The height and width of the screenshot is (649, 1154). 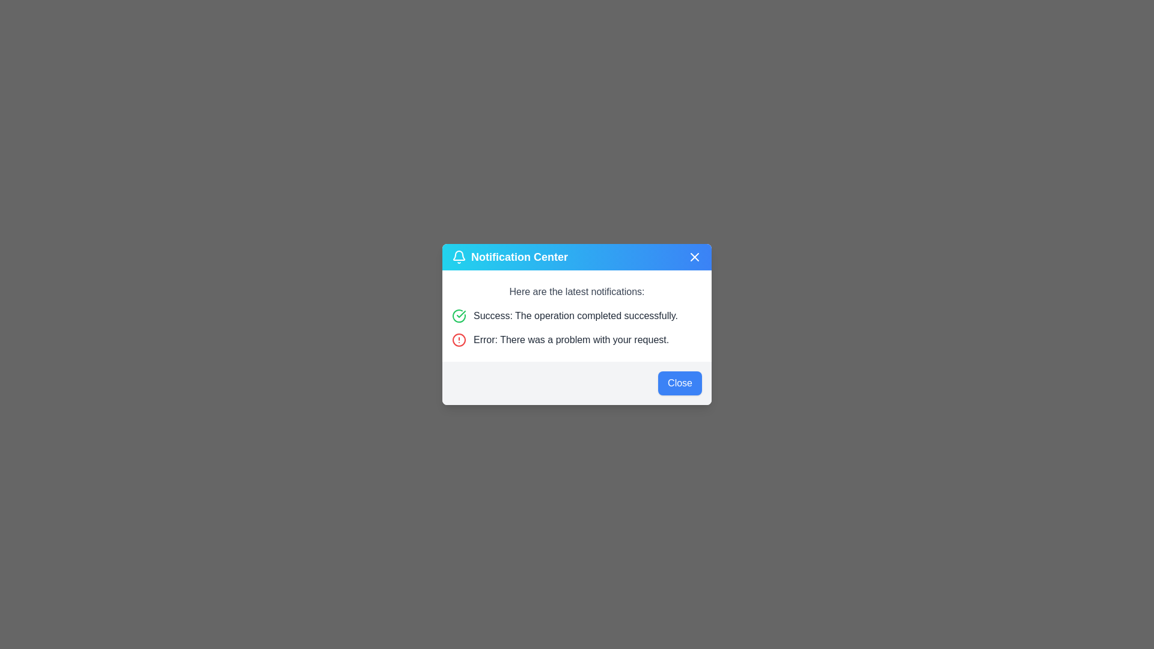 I want to click on text of the Notification area located centrally within the modal, below the title 'Notification Center', which displays success and error messages, so click(x=577, y=315).